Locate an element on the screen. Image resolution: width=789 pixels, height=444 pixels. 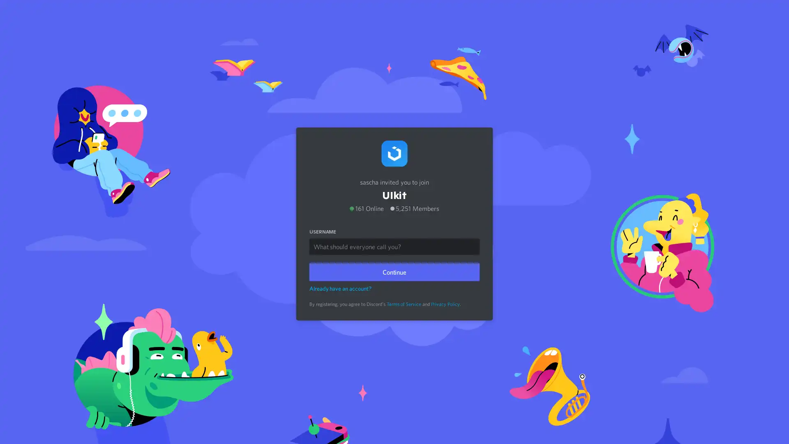
Already have an account? is located at coordinates (340, 286).